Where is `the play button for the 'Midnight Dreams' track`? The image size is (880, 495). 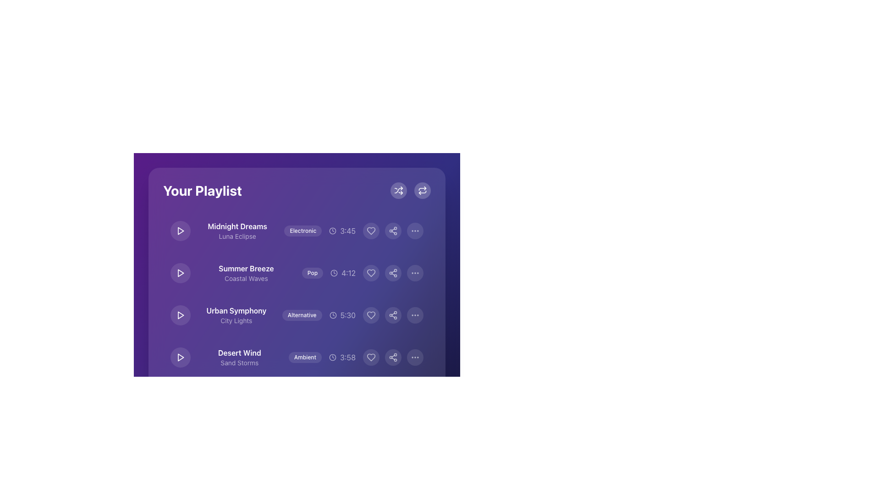
the play button for the 'Midnight Dreams' track is located at coordinates (181, 231).